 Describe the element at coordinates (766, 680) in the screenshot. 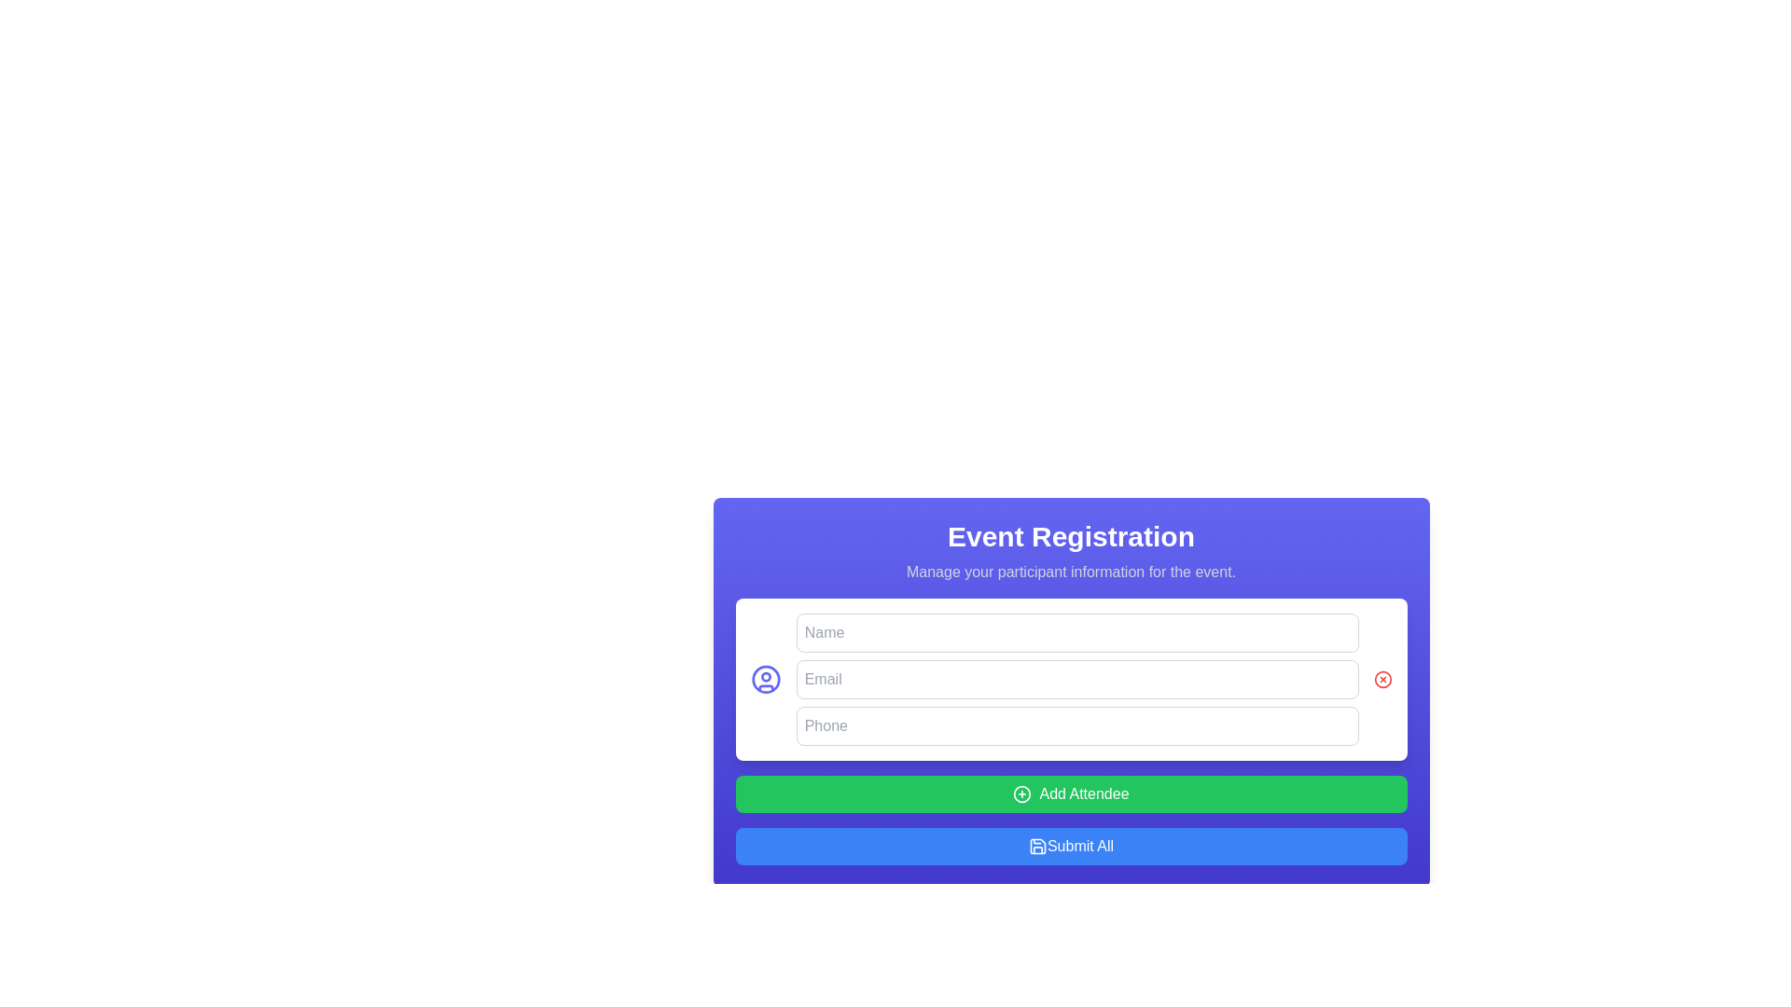

I see `the user profile icon located to the left of the 'Name' input field in the registration form` at that location.